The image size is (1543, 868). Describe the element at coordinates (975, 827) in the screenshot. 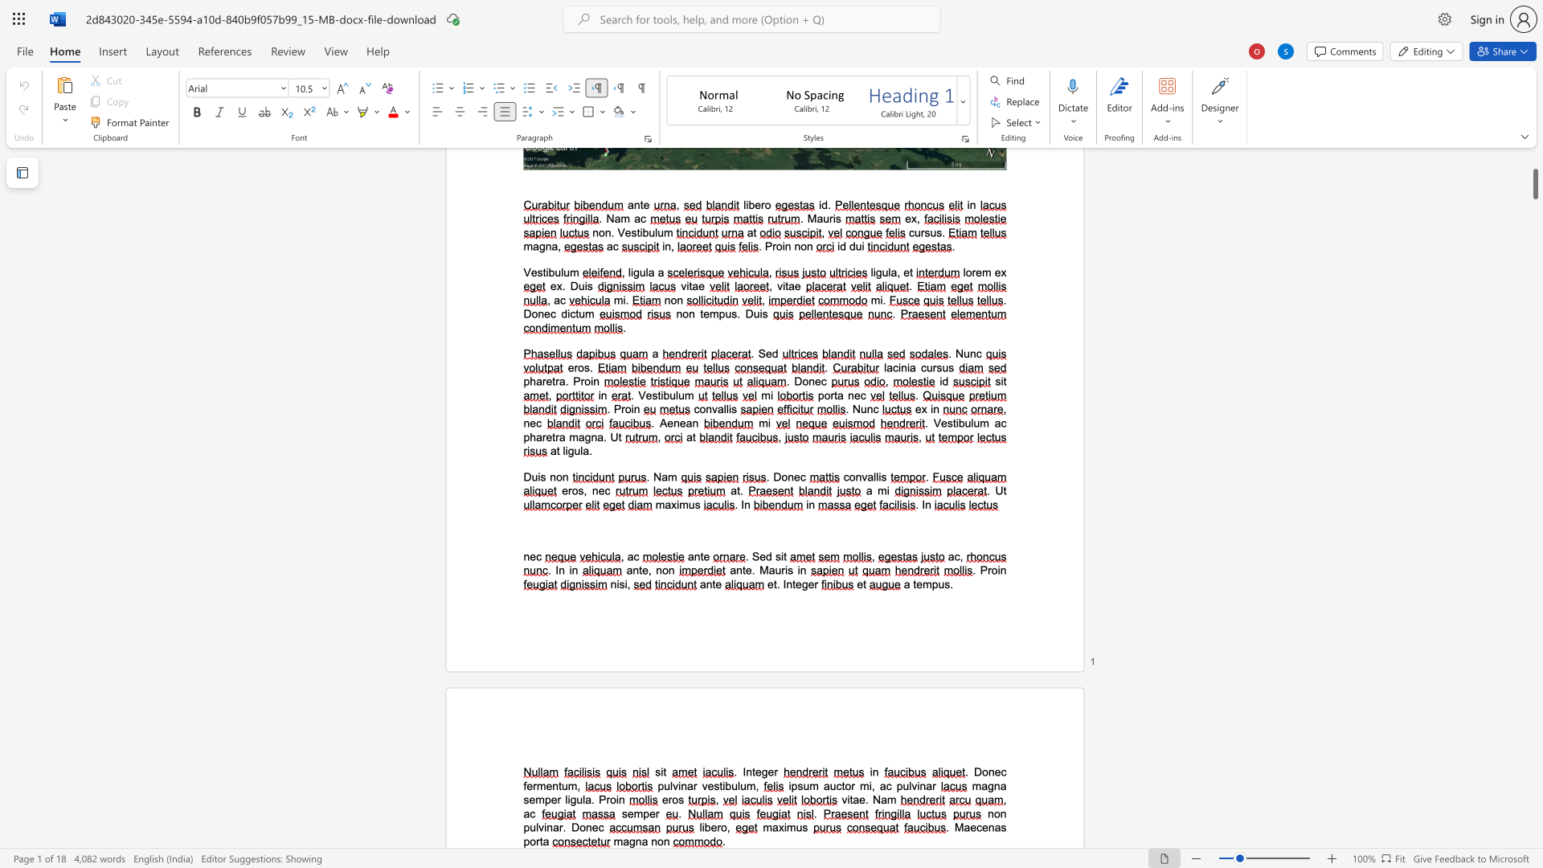

I see `the space between the continuous character "e" and "c" in the text` at that location.